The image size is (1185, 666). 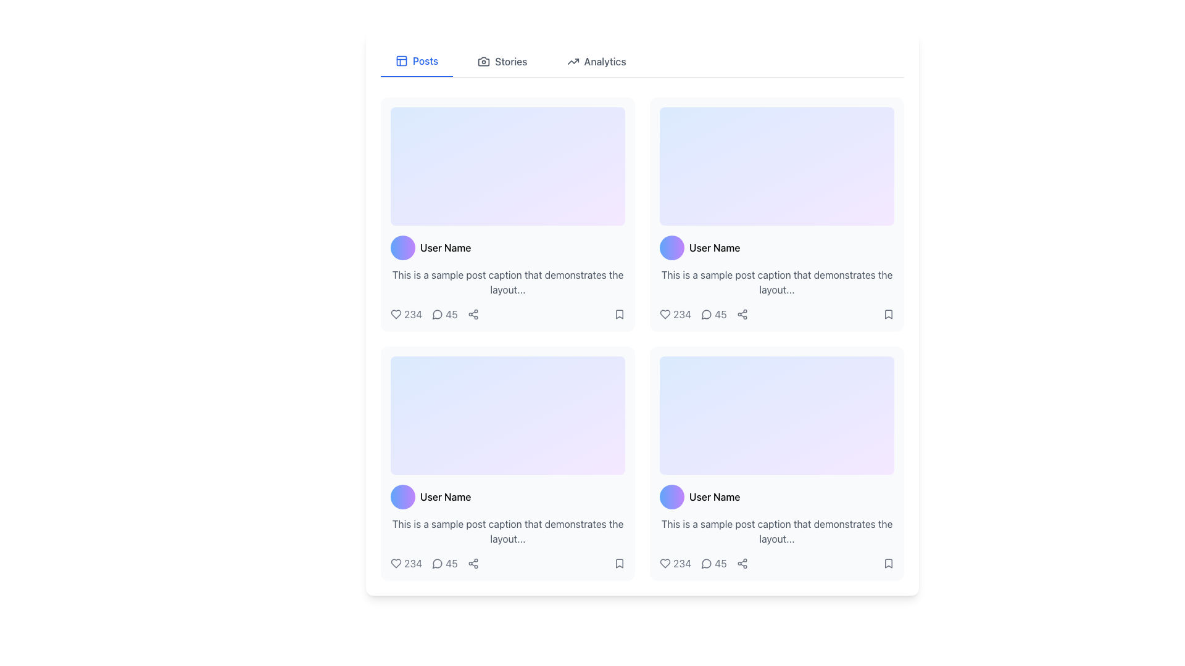 I want to click on the first post card in the top-left corner of the two-column grid layout, so click(x=507, y=213).